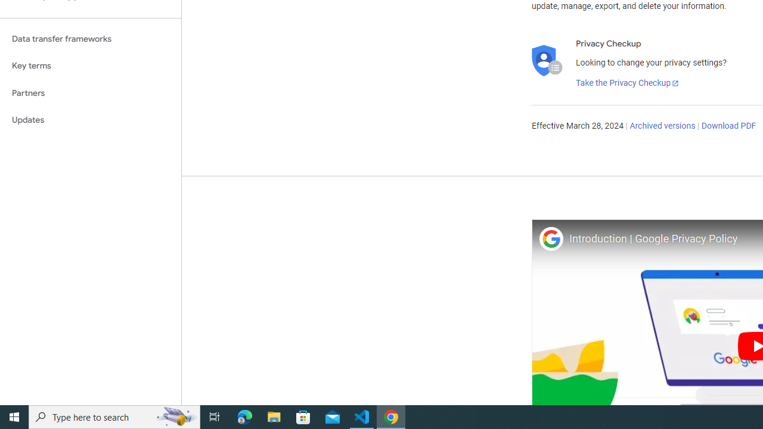  Describe the element at coordinates (90, 120) in the screenshot. I see `'Updates'` at that location.